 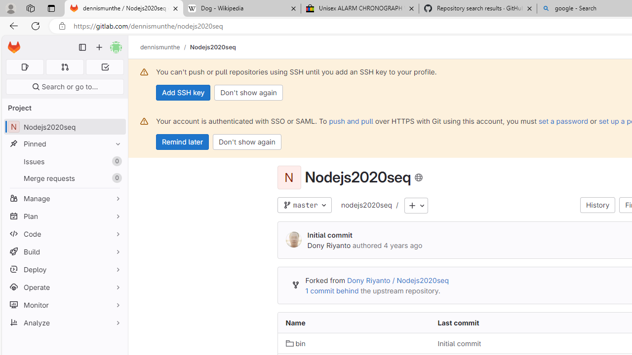 I want to click on 'Plan', so click(x=64, y=215).